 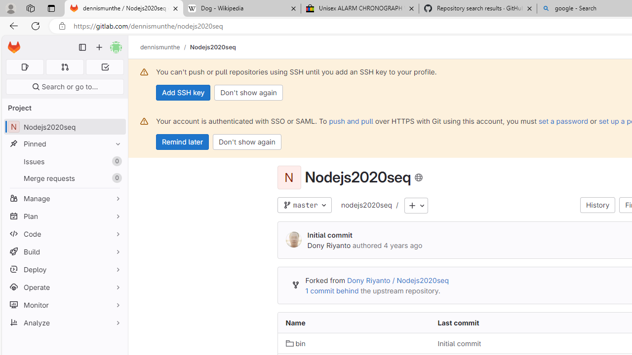 I want to click on 'Plan', so click(x=64, y=215).